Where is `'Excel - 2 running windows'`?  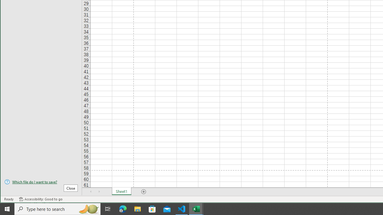
'Excel - 2 running windows' is located at coordinates (196, 208).